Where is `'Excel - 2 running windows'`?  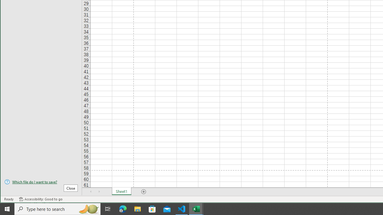
'Excel - 2 running windows' is located at coordinates (196, 208).